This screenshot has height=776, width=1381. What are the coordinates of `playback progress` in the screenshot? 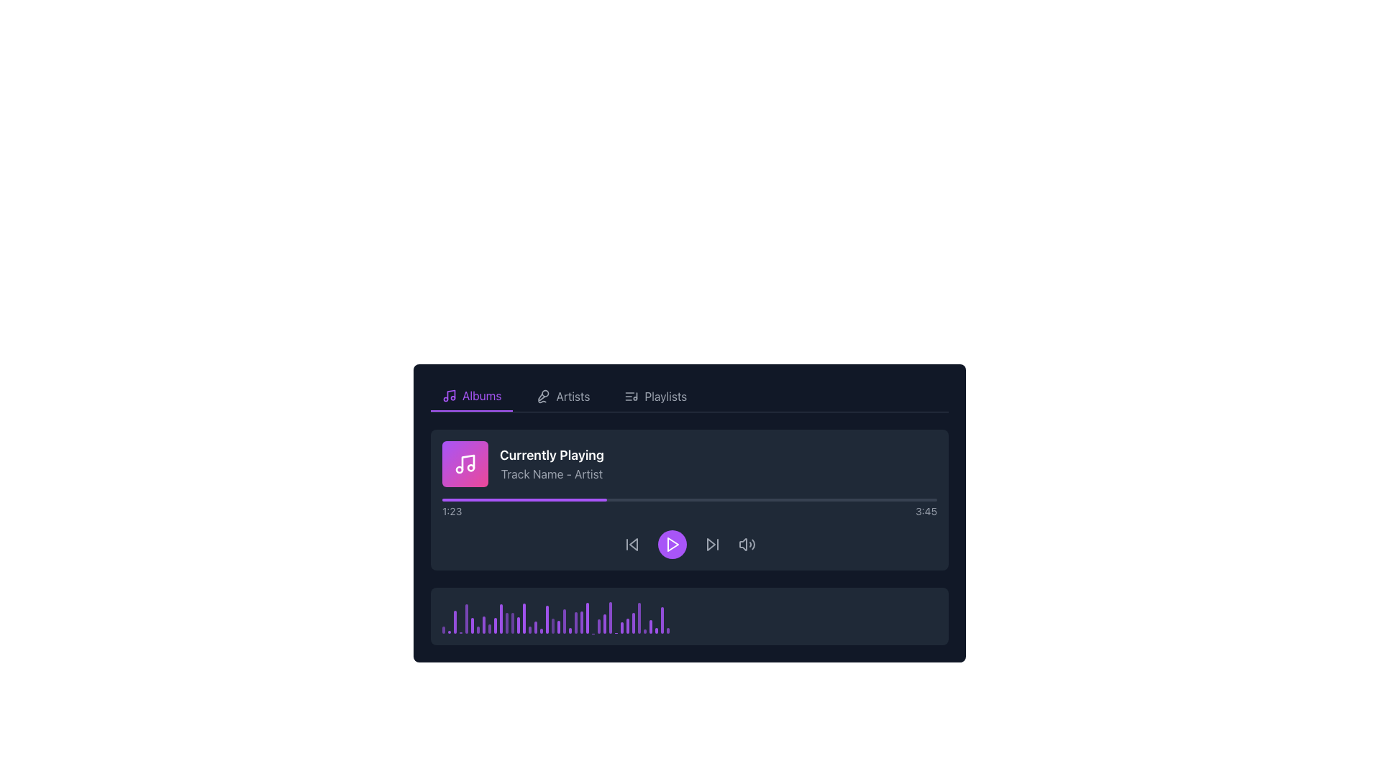 It's located at (610, 499).